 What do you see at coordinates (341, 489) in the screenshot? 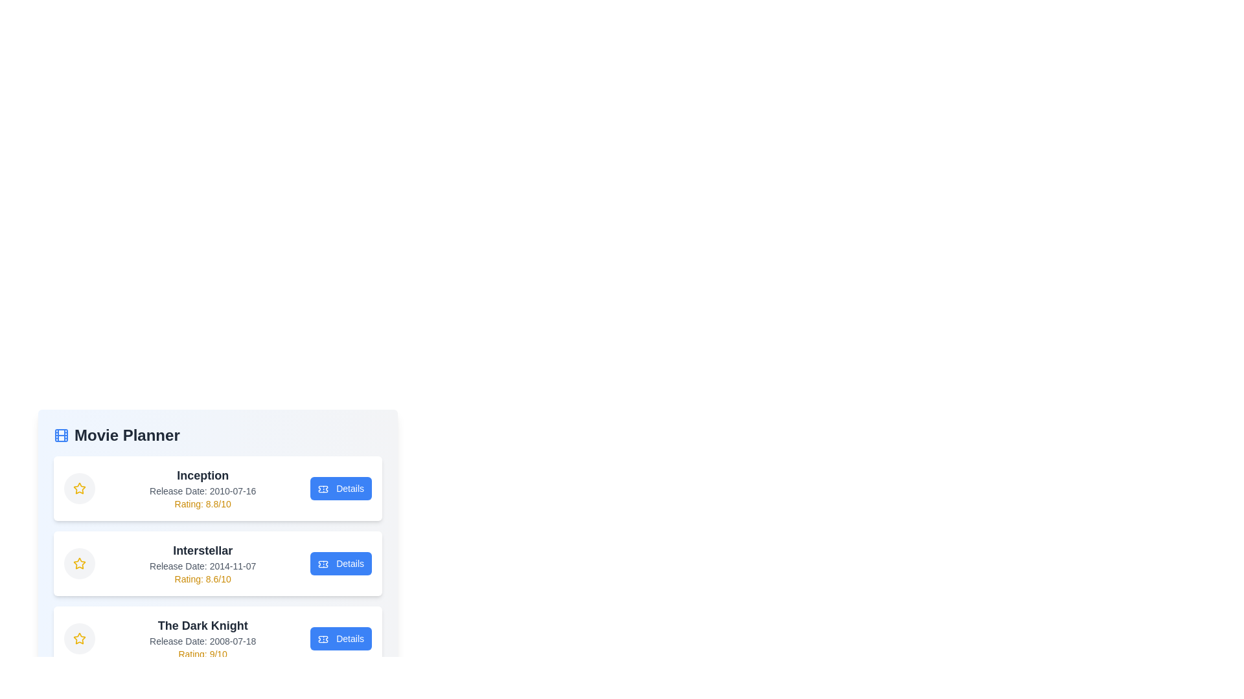
I see `the 'Details' button for the movie Inception` at bounding box center [341, 489].